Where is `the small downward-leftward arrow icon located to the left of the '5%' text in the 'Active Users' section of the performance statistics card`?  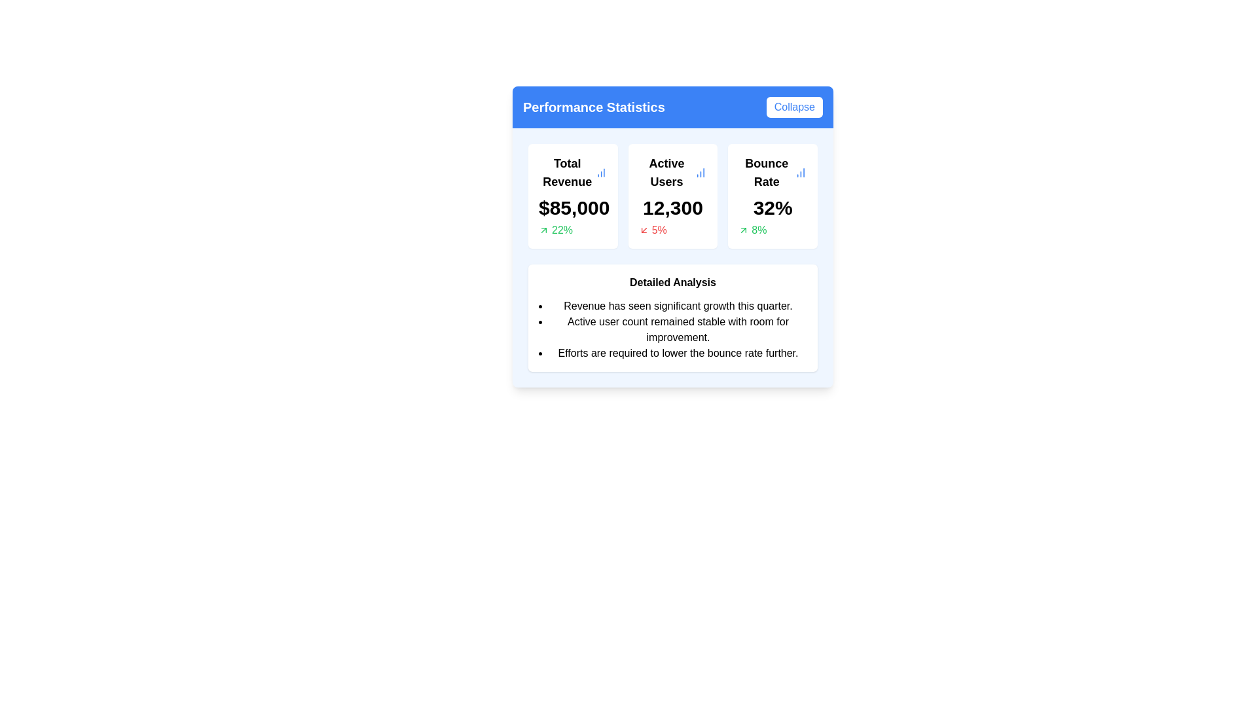 the small downward-leftward arrow icon located to the left of the '5%' text in the 'Active Users' section of the performance statistics card is located at coordinates (644, 229).